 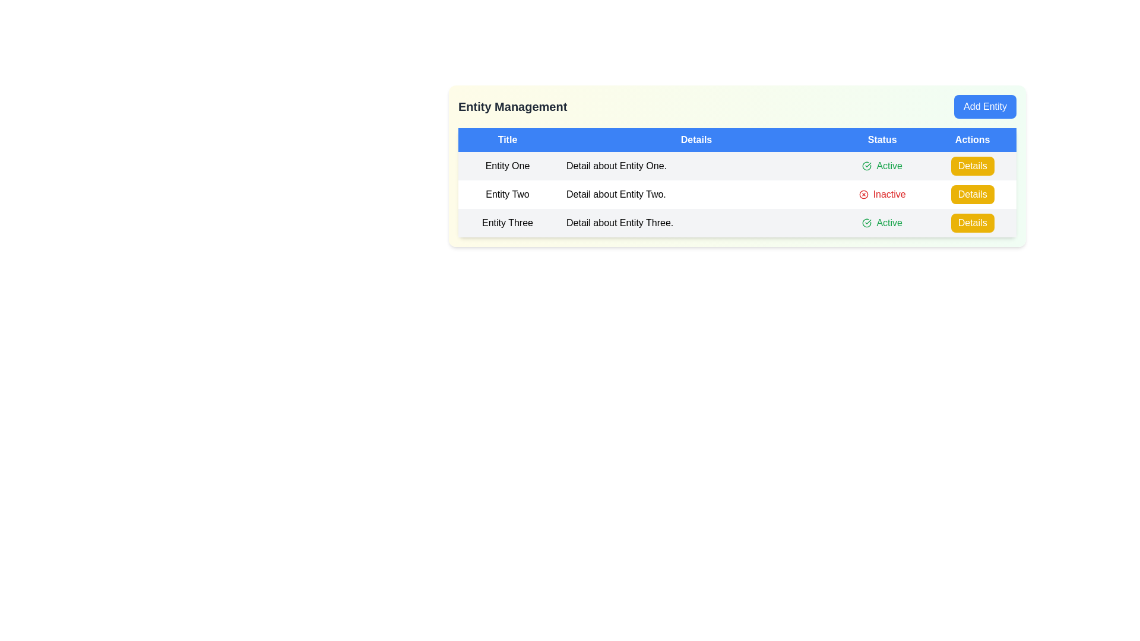 What do you see at coordinates (737, 223) in the screenshot?
I see `the third row of the table under 'Entity Management' that displays details about 'Entity Three'` at bounding box center [737, 223].